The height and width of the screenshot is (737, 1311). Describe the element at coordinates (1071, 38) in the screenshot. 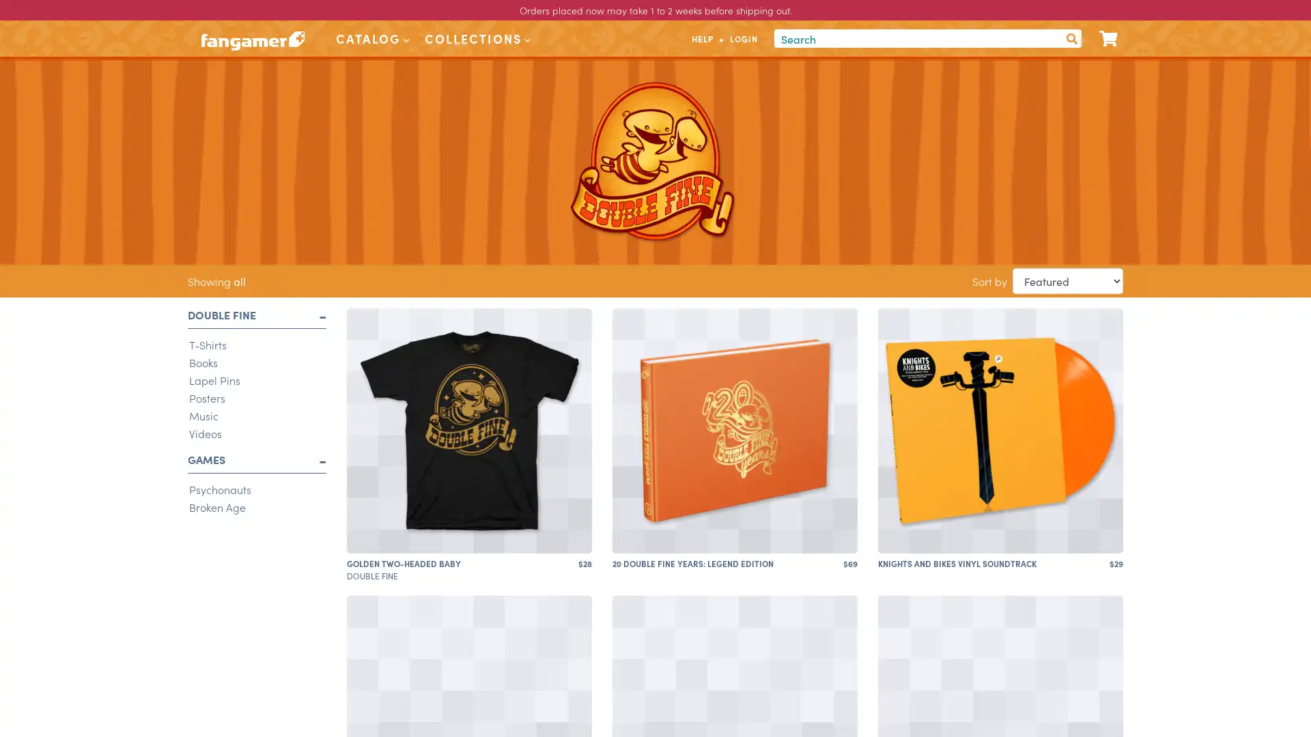

I see `Submit Search` at that location.